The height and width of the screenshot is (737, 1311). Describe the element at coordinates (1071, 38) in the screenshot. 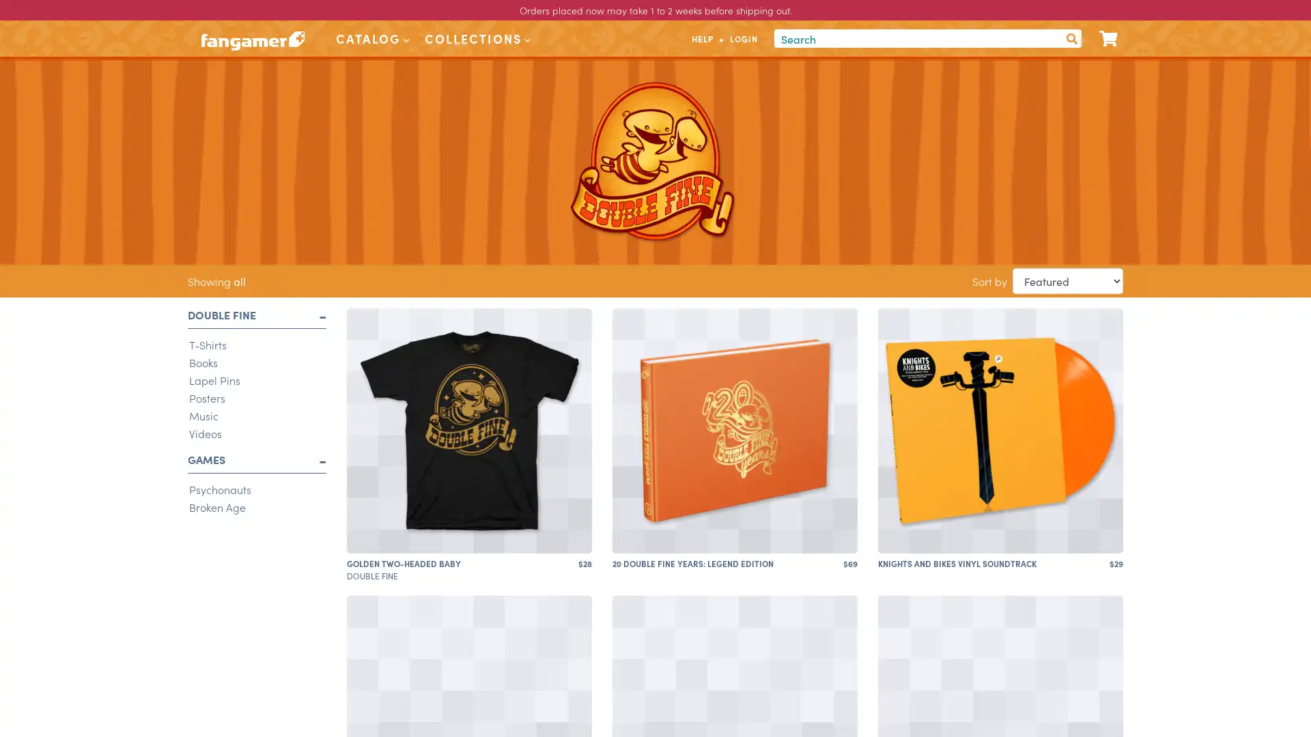

I see `Submit Search` at that location.